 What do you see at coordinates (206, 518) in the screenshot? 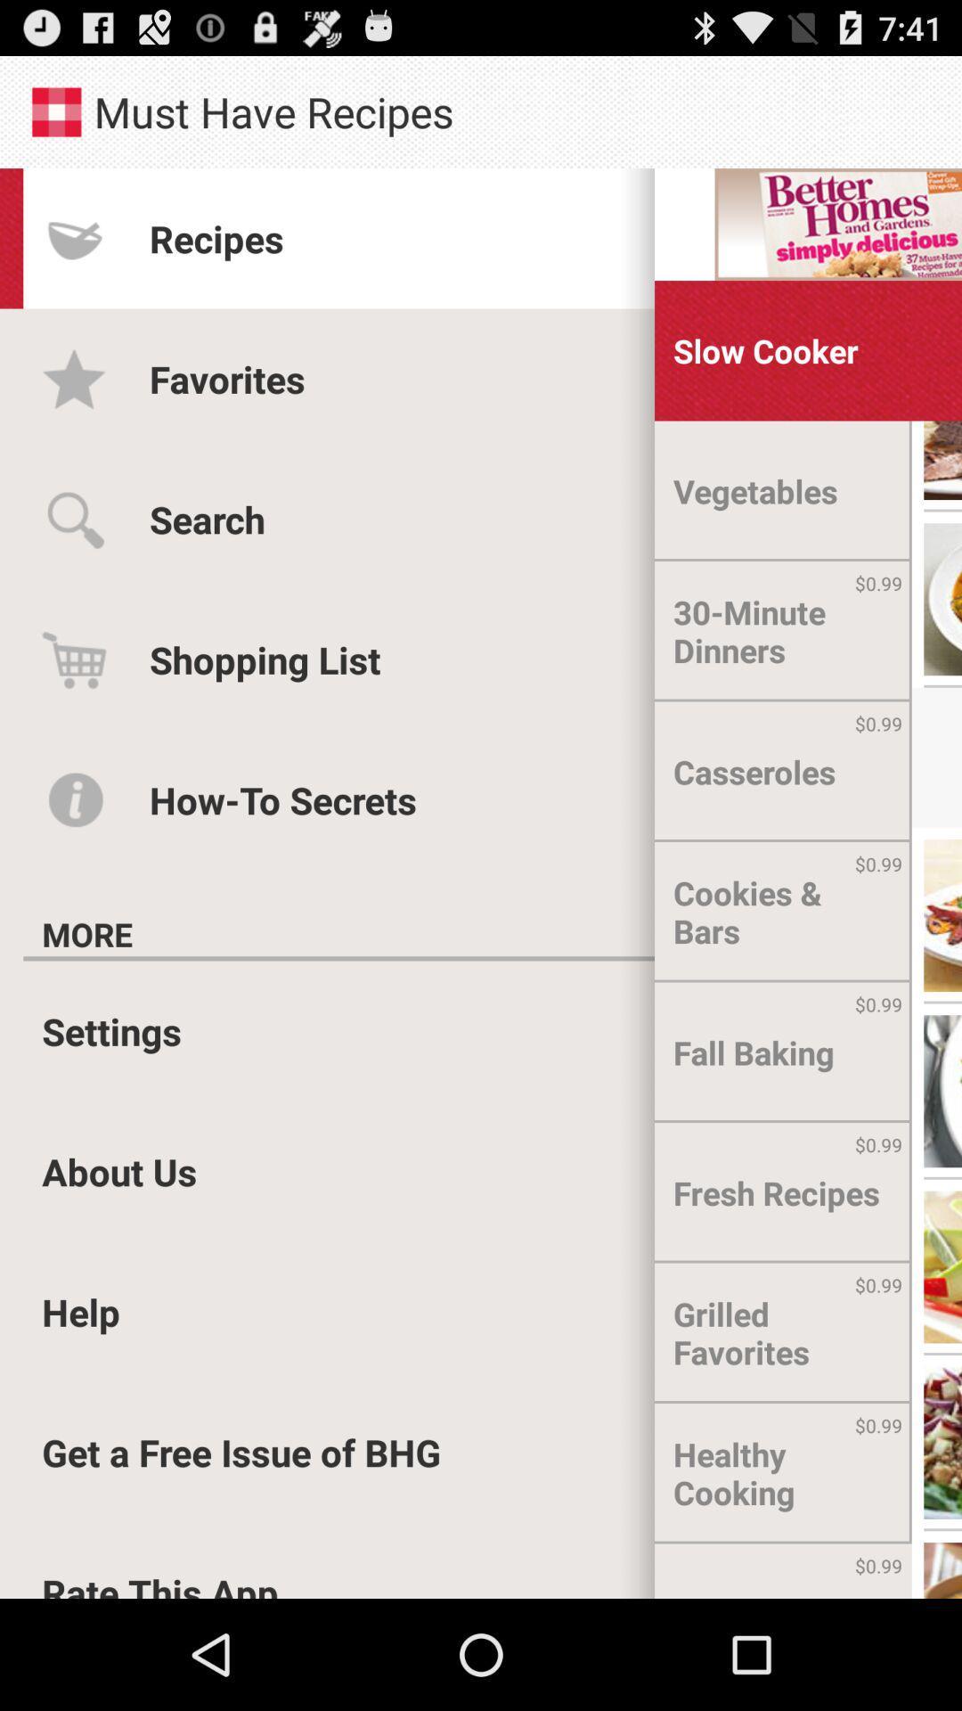
I see `the search item` at bounding box center [206, 518].